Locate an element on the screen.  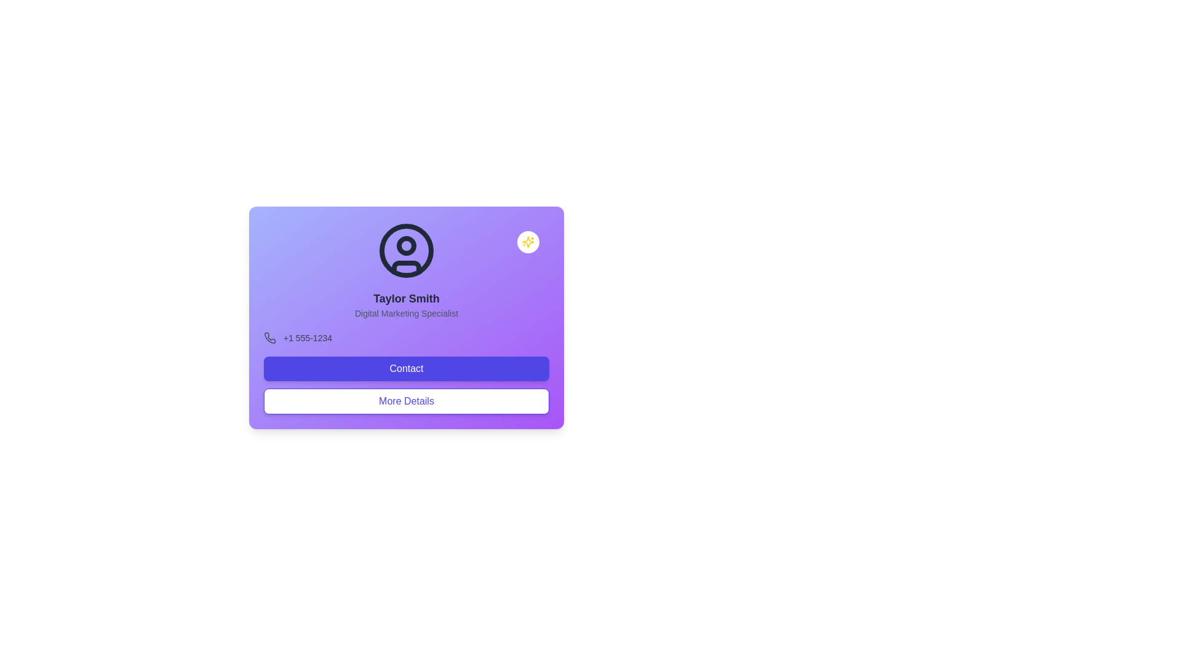
the phone icon with a gray tone on a light purple background, positioned next to the text '+1 555-1234' is located at coordinates (269, 338).